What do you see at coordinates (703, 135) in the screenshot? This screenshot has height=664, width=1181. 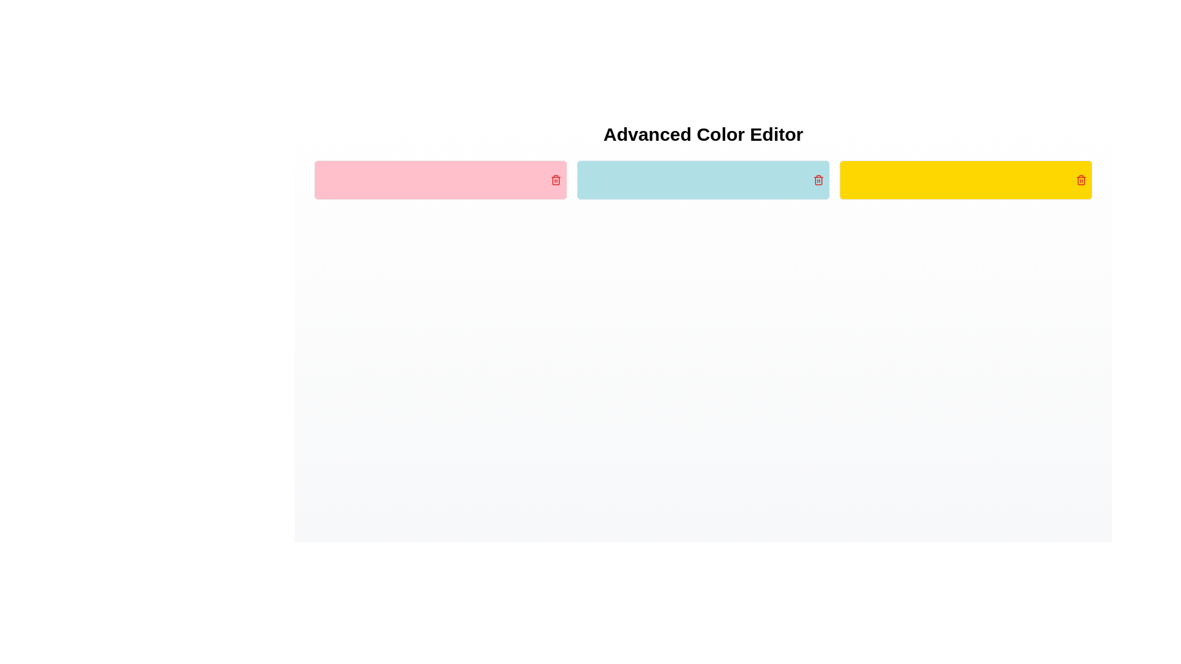 I see `the prominent text heading 'Advanced Color Editor' which is styled in bold and large font, located centrally at the top of the interface` at bounding box center [703, 135].